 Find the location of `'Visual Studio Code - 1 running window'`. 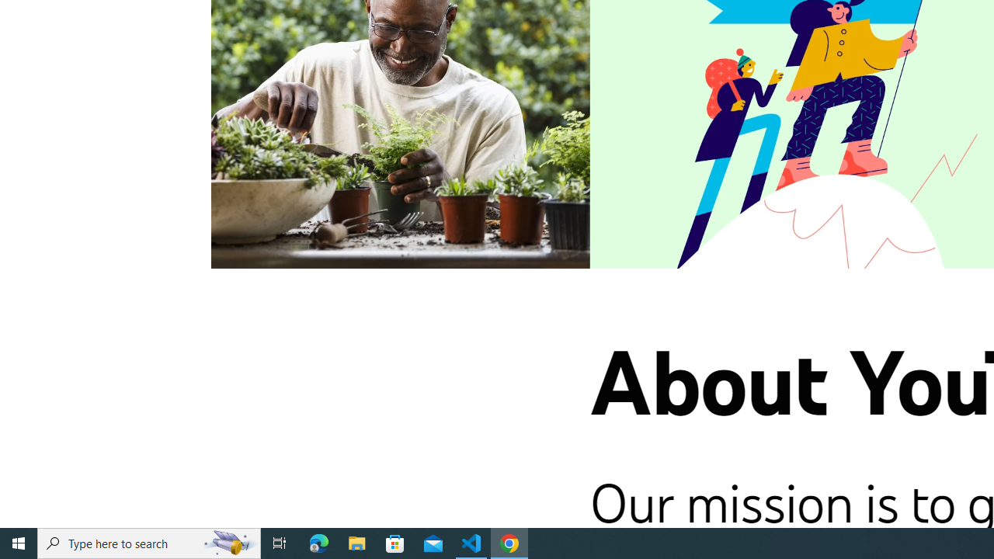

'Visual Studio Code - 1 running window' is located at coordinates (471, 542).